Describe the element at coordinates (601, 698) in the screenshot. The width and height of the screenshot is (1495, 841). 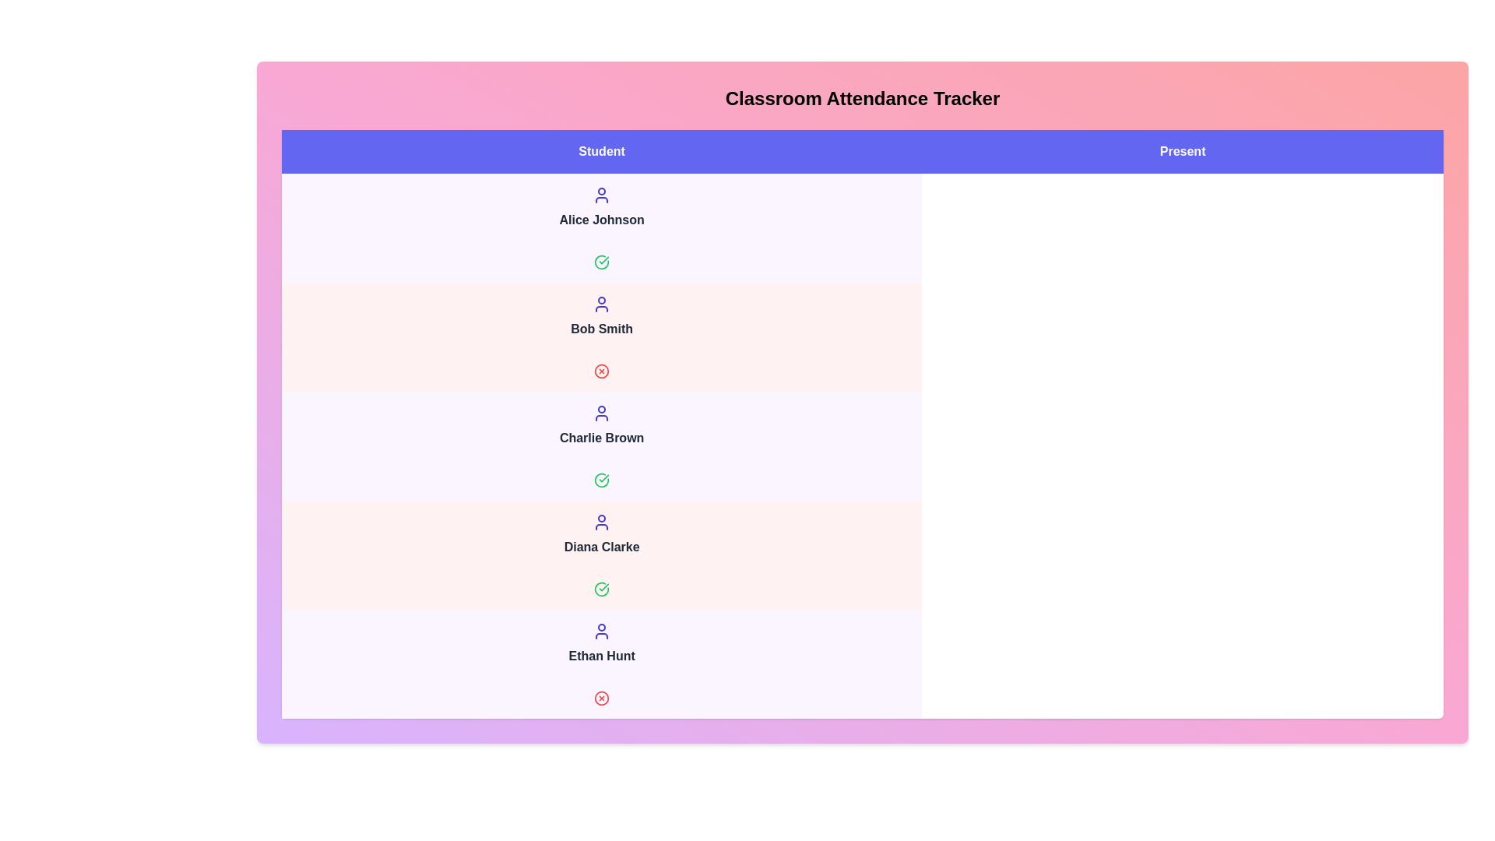
I see `the attendance status icon for Ethan Hunt to toggle their status` at that location.